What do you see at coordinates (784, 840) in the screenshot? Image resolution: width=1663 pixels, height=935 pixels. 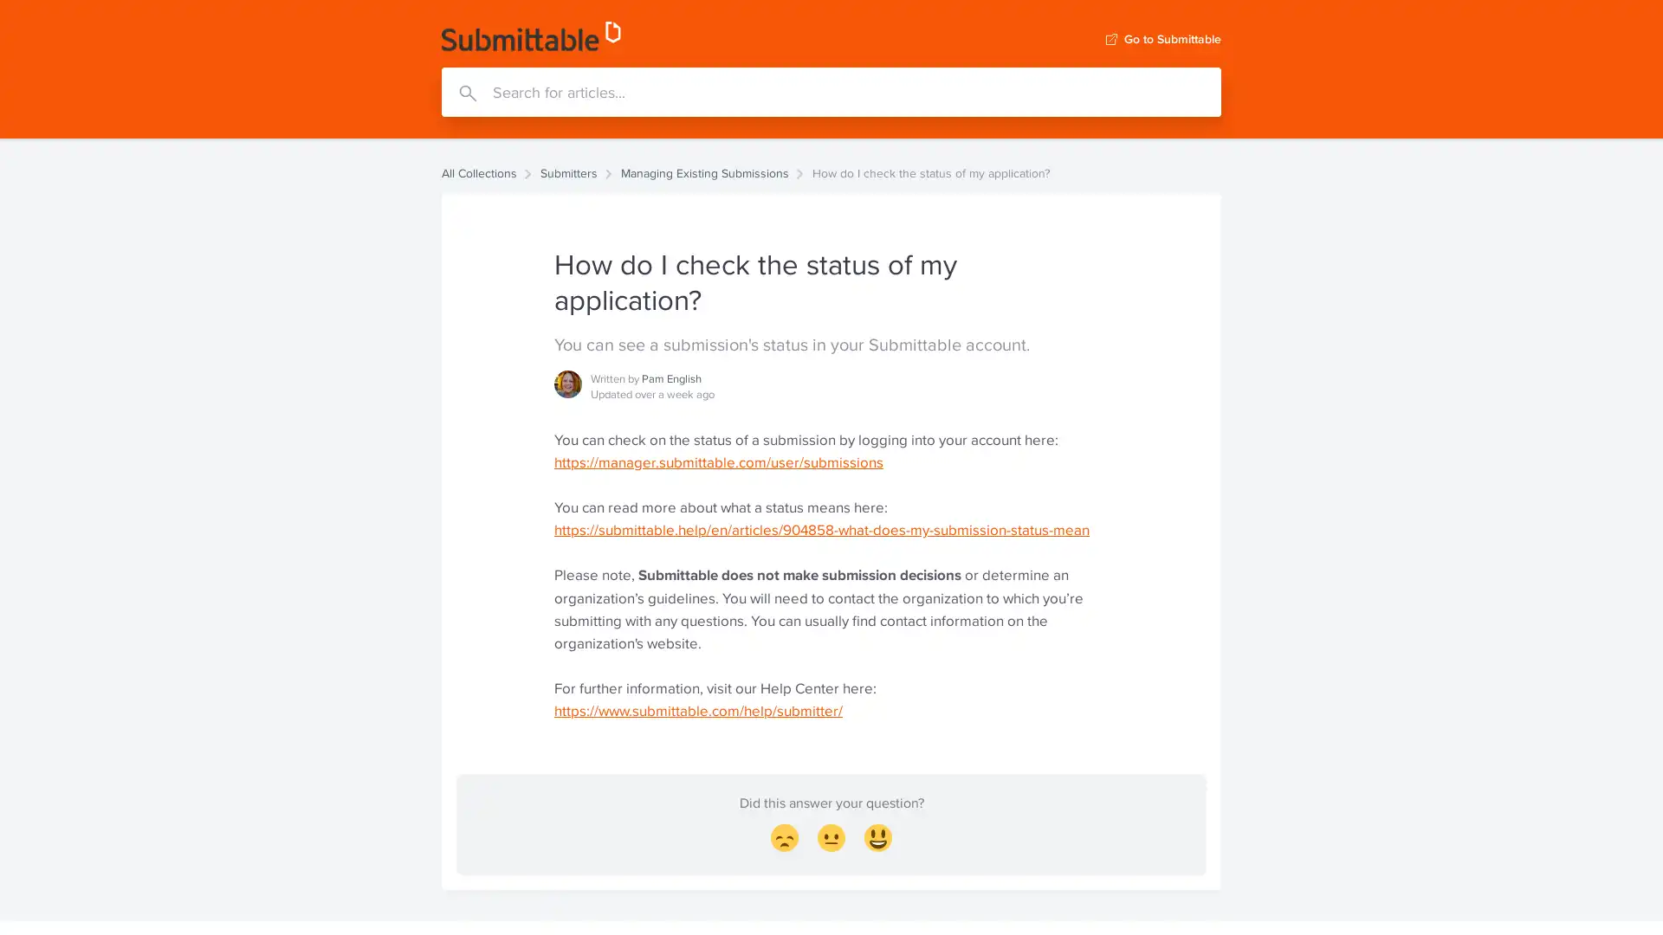 I see `Disappointed Reaction` at bounding box center [784, 840].